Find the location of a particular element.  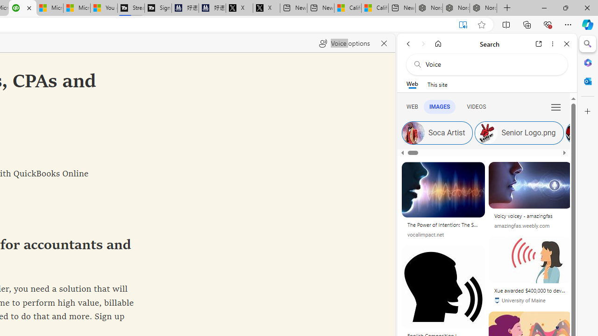

'More options' is located at coordinates (552, 43).